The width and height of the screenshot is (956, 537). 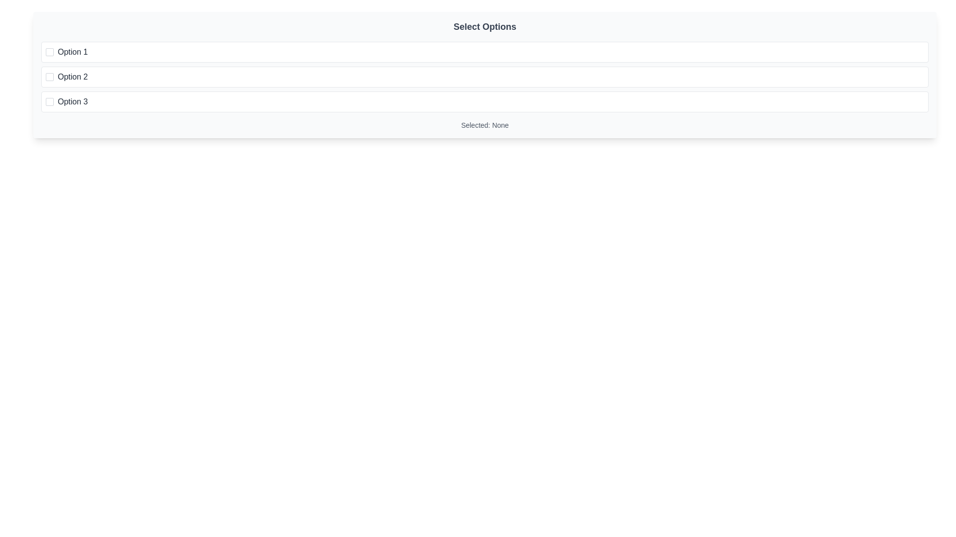 I want to click on the checkbox located at the far left of 'Option 3', so click(x=49, y=101).